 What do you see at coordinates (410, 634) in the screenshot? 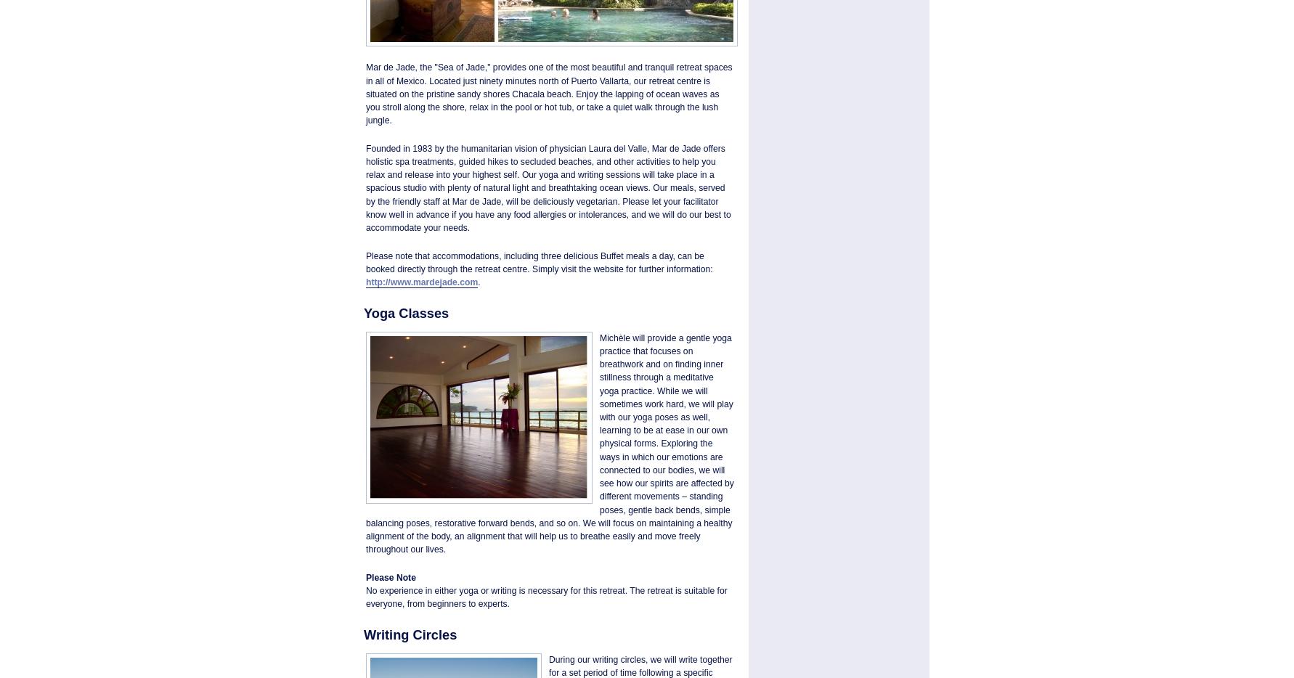
I see `'Writing Circles'` at bounding box center [410, 634].